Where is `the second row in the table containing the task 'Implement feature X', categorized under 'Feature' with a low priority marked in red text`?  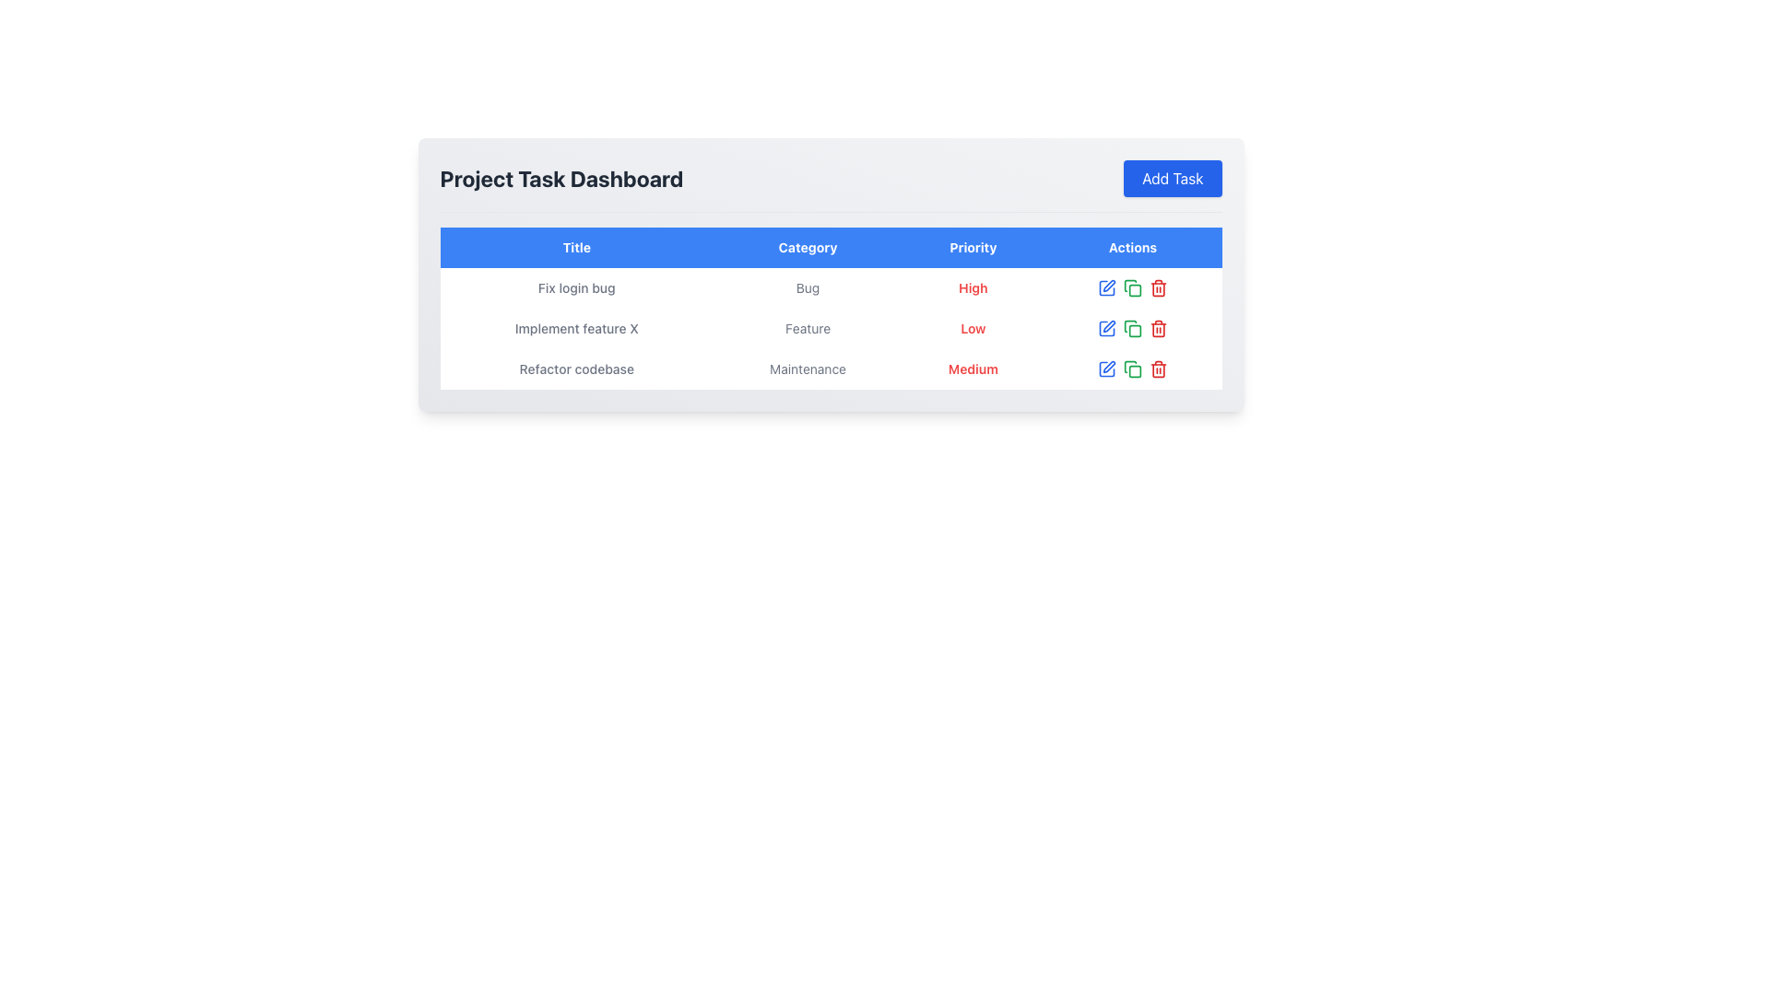 the second row in the table containing the task 'Implement feature X', categorized under 'Feature' with a low priority marked in red text is located at coordinates (830, 328).